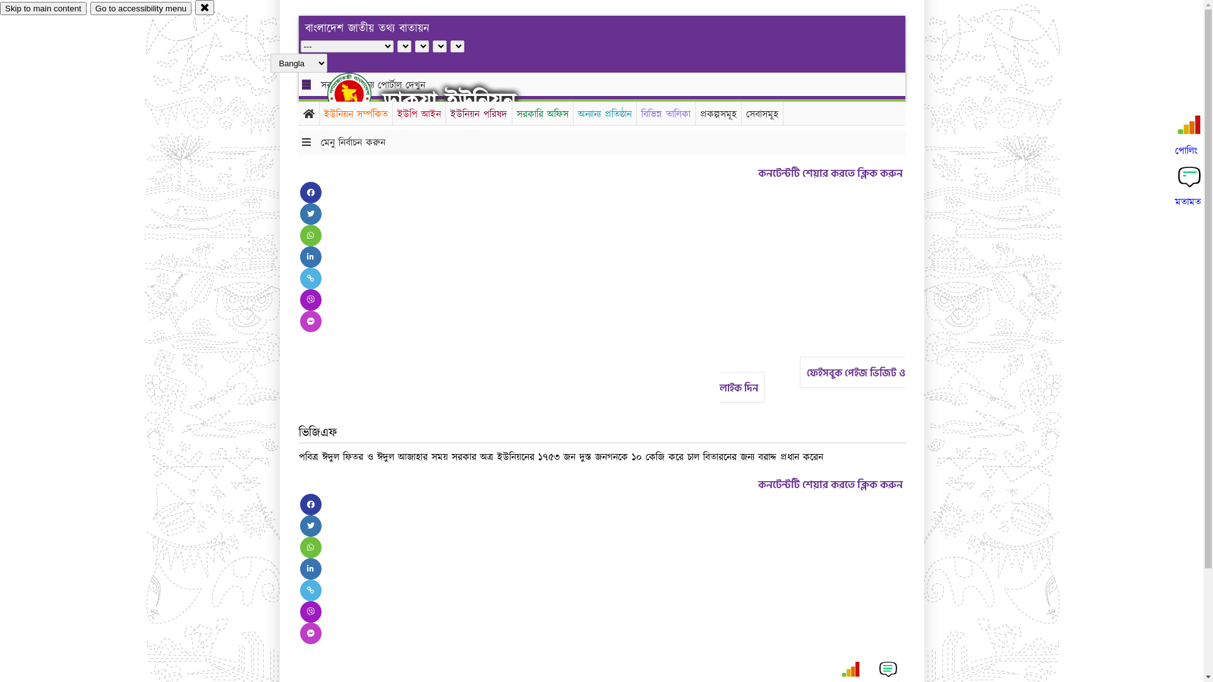 Image resolution: width=1213 pixels, height=682 pixels. Describe the element at coordinates (205, 7) in the screenshot. I see `'close'` at that location.